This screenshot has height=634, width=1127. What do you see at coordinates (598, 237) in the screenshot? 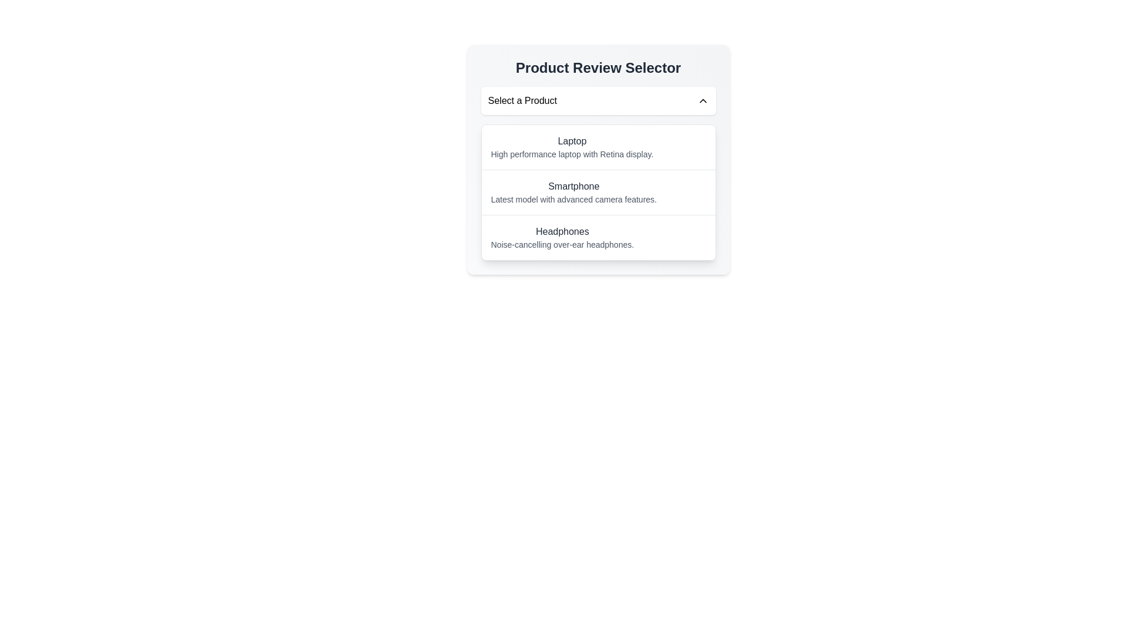
I see `the product card element displaying 'Headphones' with a description of 'Noise-cancelling over-ear headphones.' which is the third item in the list under 'Product Review Selector'` at bounding box center [598, 237].